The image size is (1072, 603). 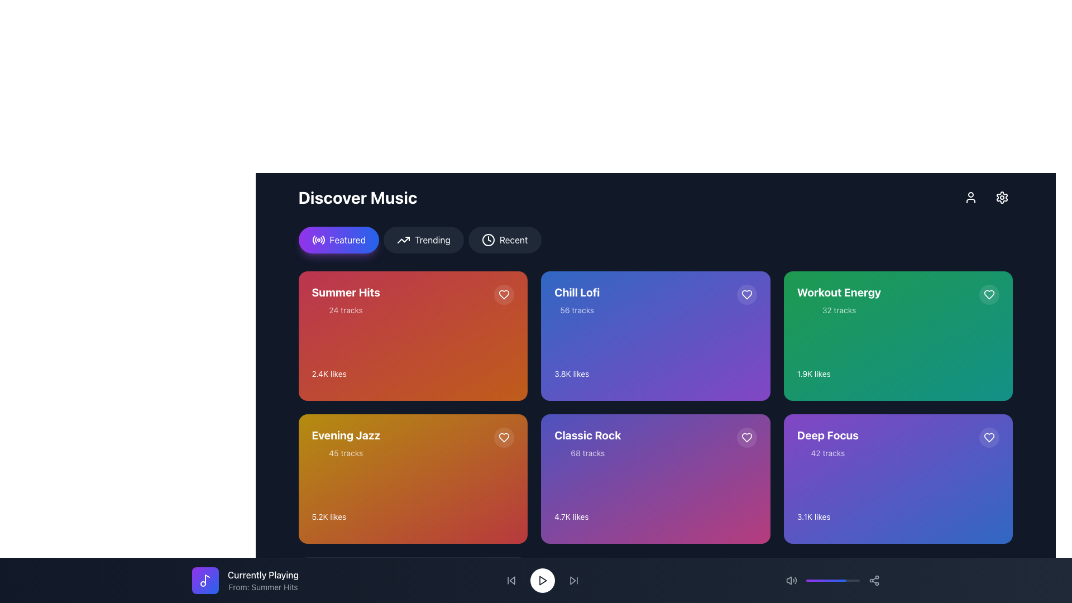 I want to click on the 'like' or 'favorite' button located in the top-right corner of the 'Deep Focus' music category card, so click(x=989, y=437).